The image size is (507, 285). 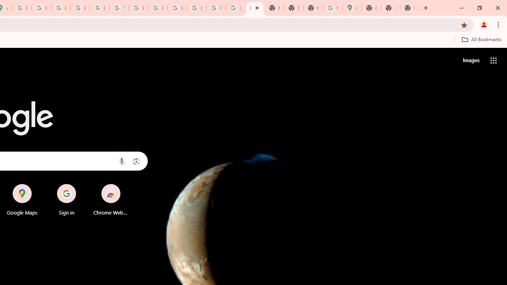 What do you see at coordinates (118, 8) in the screenshot?
I see `'YouTube'` at bounding box center [118, 8].